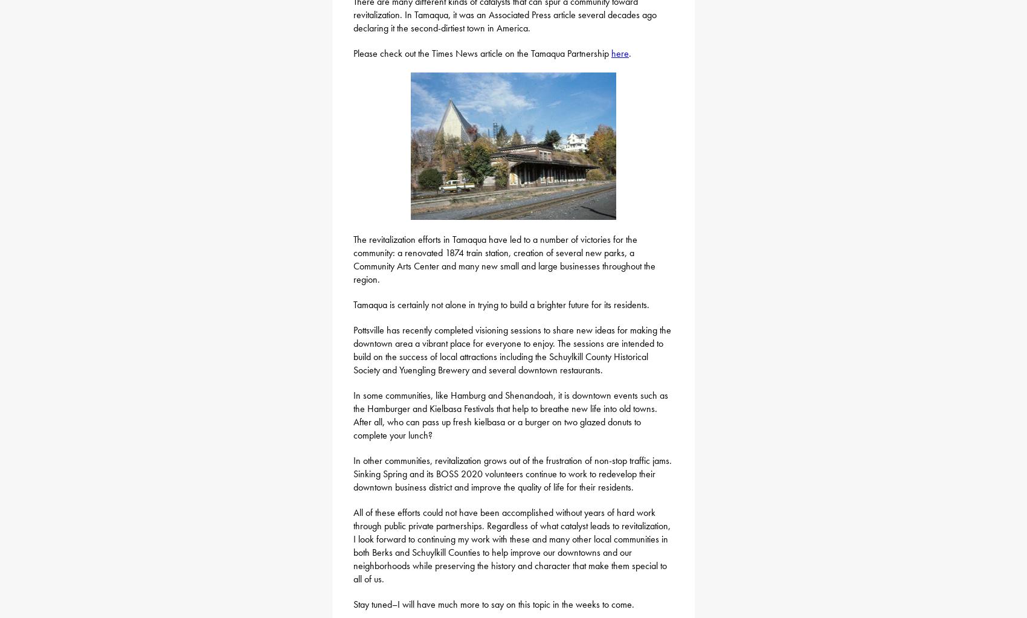  Describe the element at coordinates (512, 473) in the screenshot. I see `'In other communities, revitalization grows out of the frustration of non-stop traffic jams. Sinking Spring and its BOSS 2020 volunteers continue to work to redevelop their downtown business district and improve the quality of life for their residents.'` at that location.